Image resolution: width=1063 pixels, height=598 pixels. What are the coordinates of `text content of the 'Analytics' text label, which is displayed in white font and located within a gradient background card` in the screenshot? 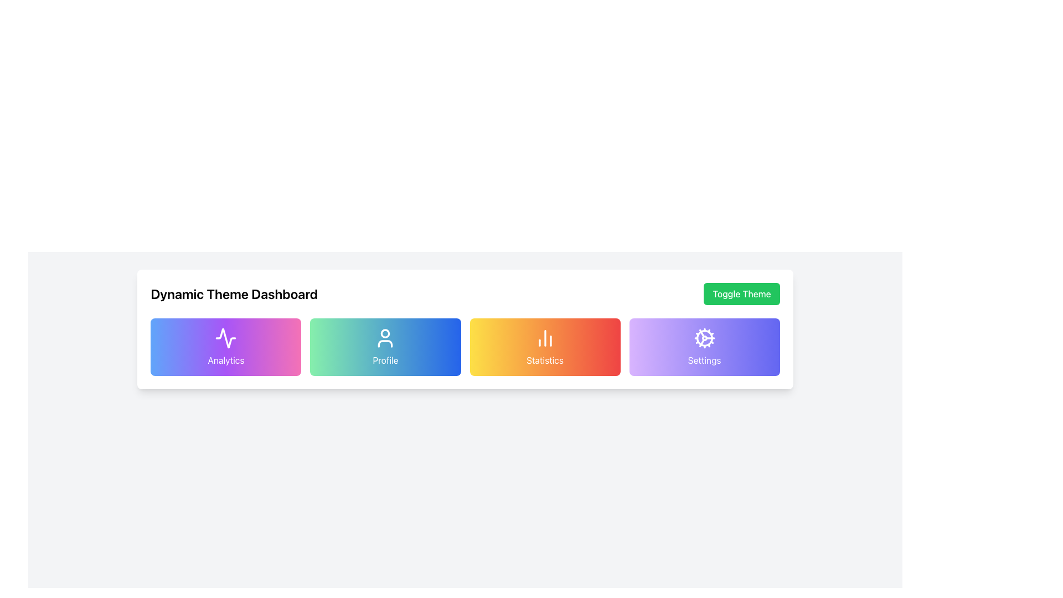 It's located at (225, 360).